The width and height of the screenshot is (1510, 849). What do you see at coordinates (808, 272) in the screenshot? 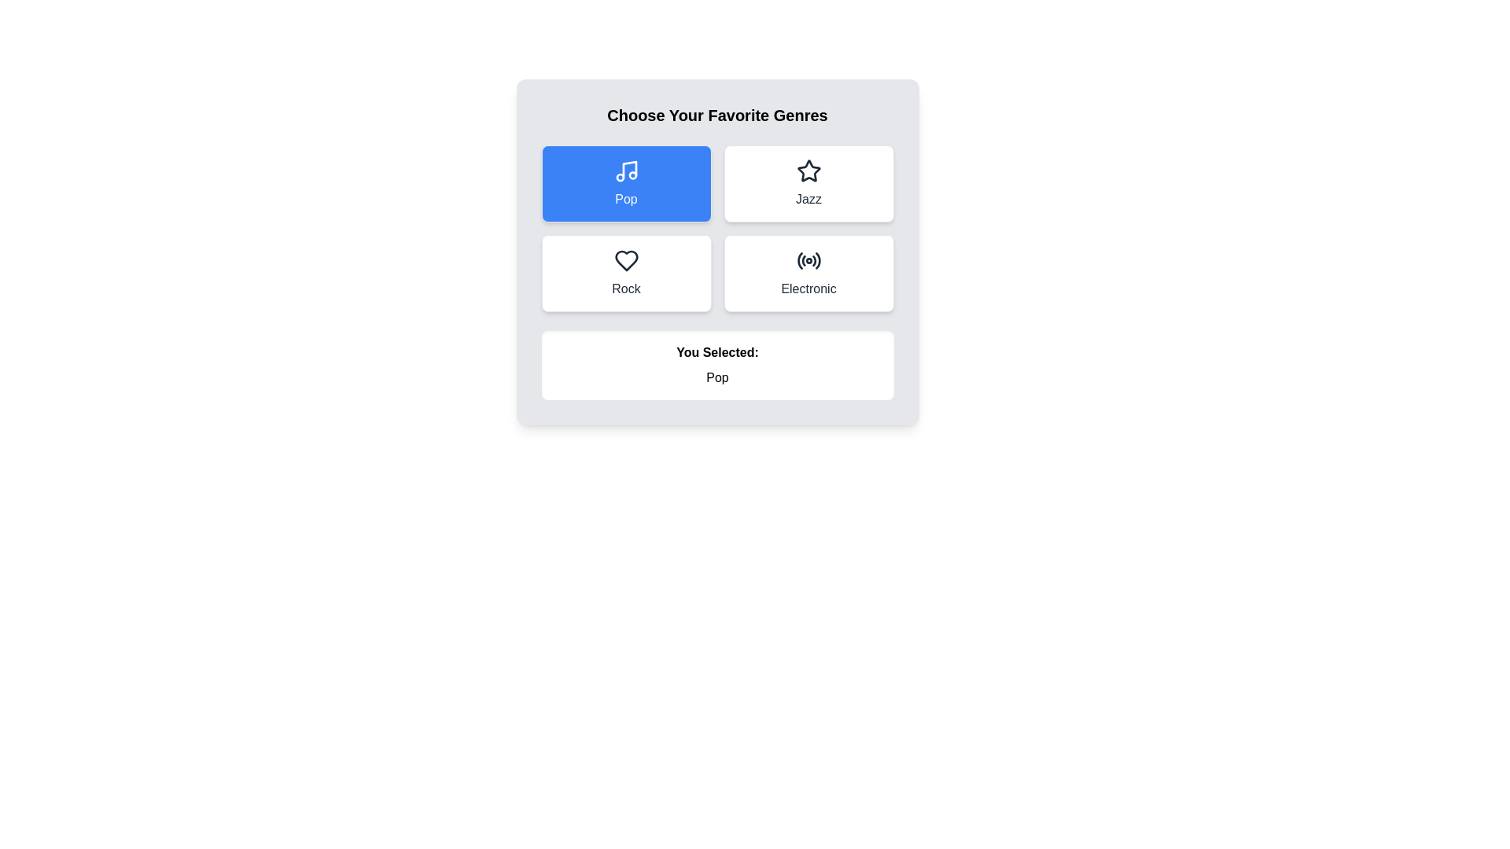
I see `the genre button labeled Electronic to observe the hover effect` at bounding box center [808, 272].